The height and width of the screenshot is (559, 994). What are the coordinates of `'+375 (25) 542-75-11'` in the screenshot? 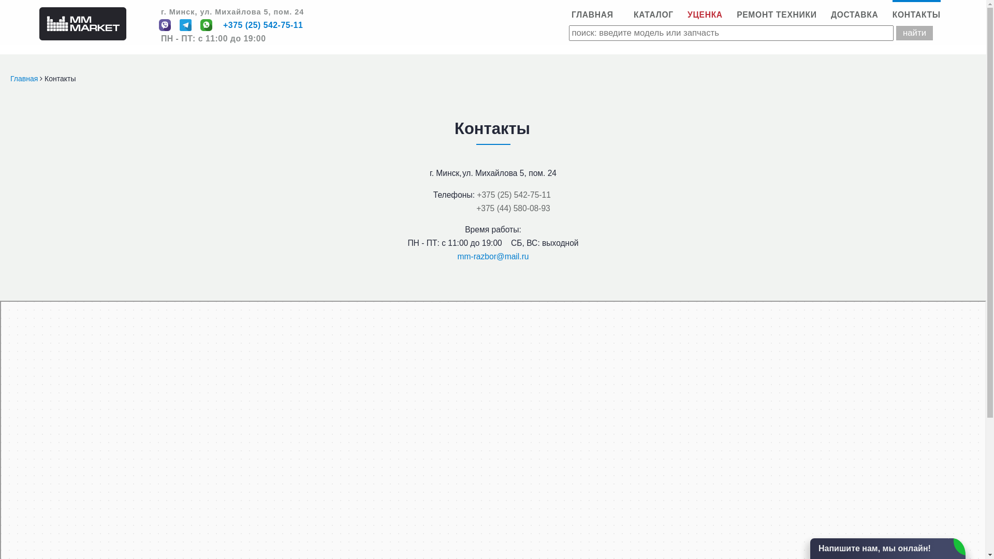 It's located at (476, 195).